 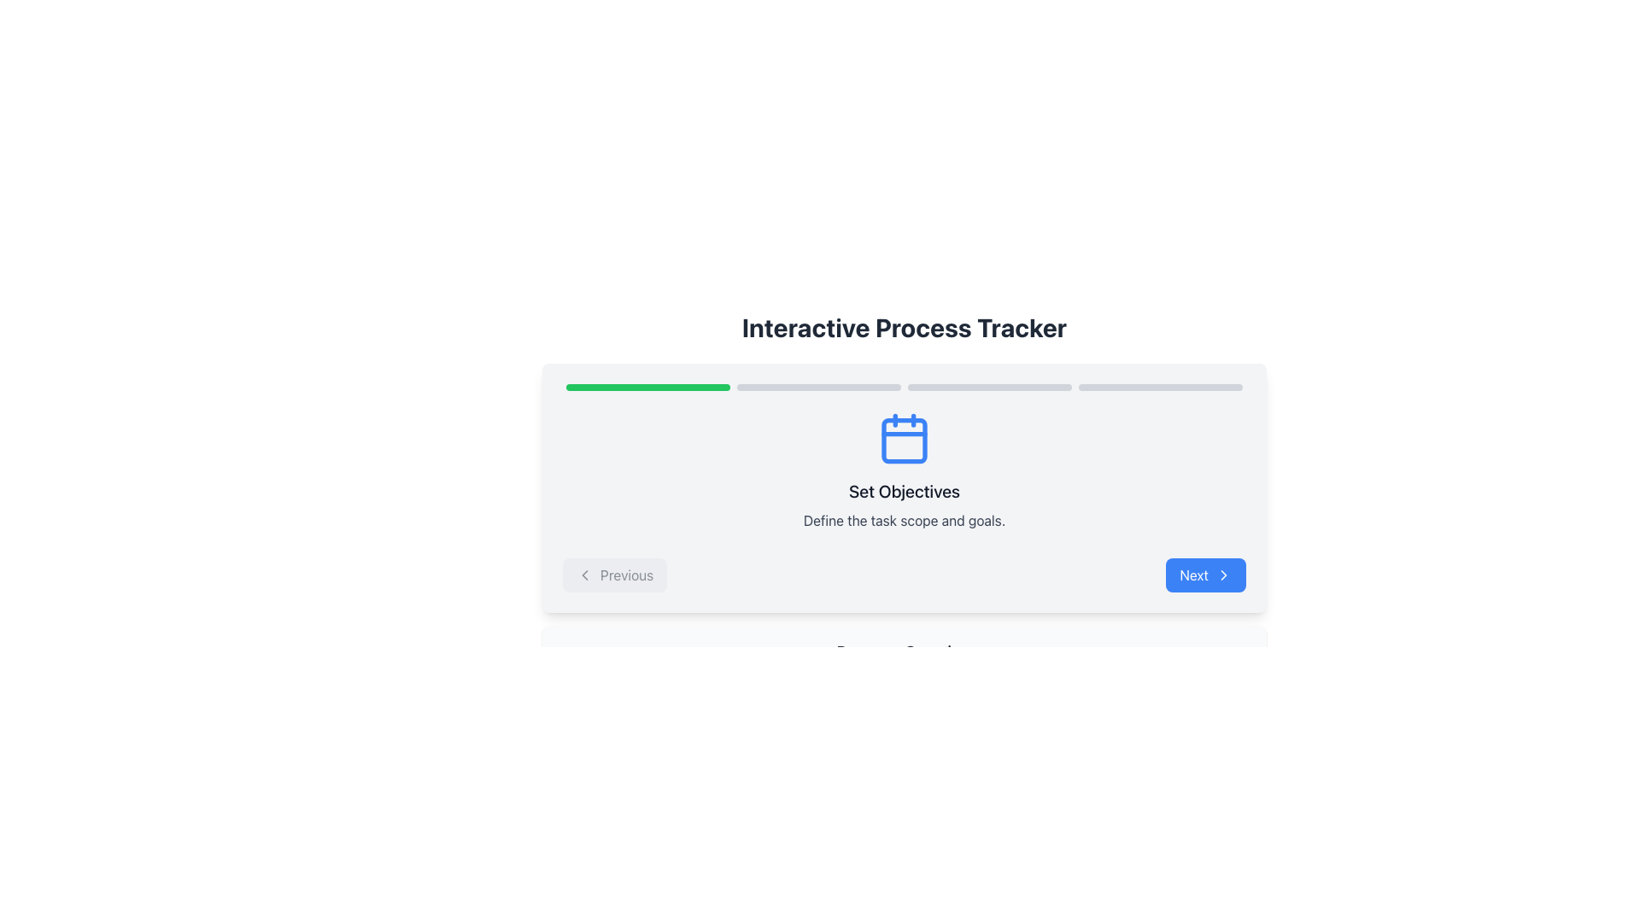 What do you see at coordinates (1223, 575) in the screenshot?
I see `the arrow icon located at the right end of the 'Next' button on the main card labeled 'Set Objectives'` at bounding box center [1223, 575].